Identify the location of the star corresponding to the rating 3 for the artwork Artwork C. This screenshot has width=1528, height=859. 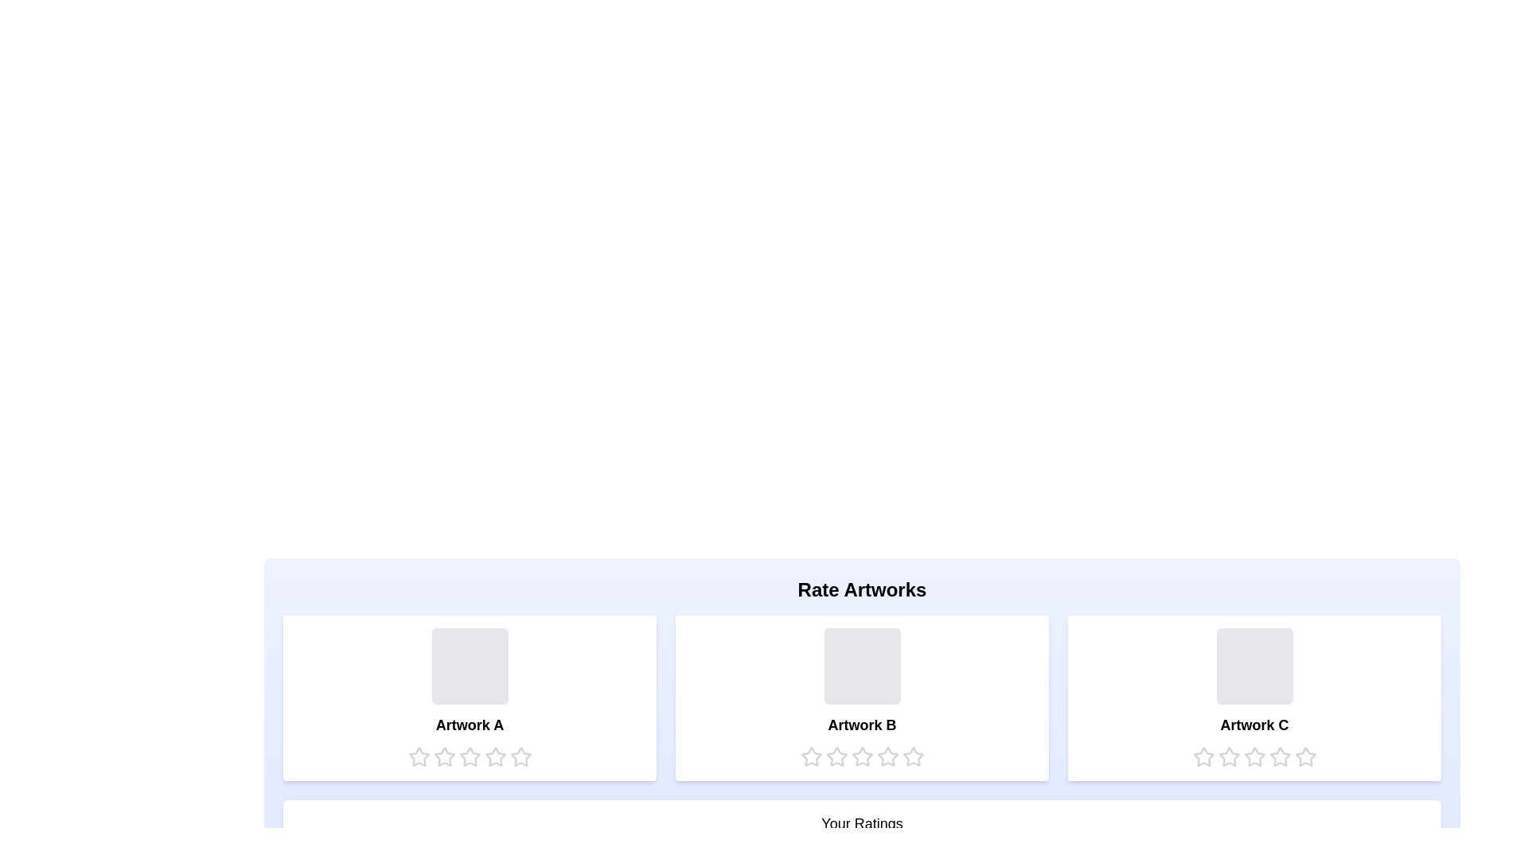
(1253, 756).